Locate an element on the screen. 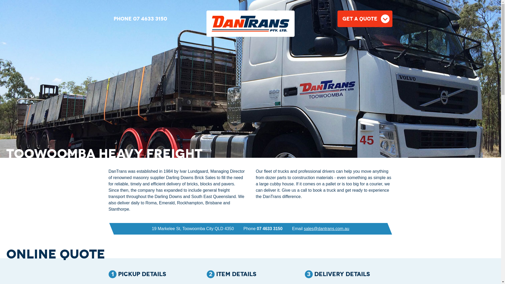 This screenshot has height=284, width=505. 'GET A QUOTE' is located at coordinates (365, 18).